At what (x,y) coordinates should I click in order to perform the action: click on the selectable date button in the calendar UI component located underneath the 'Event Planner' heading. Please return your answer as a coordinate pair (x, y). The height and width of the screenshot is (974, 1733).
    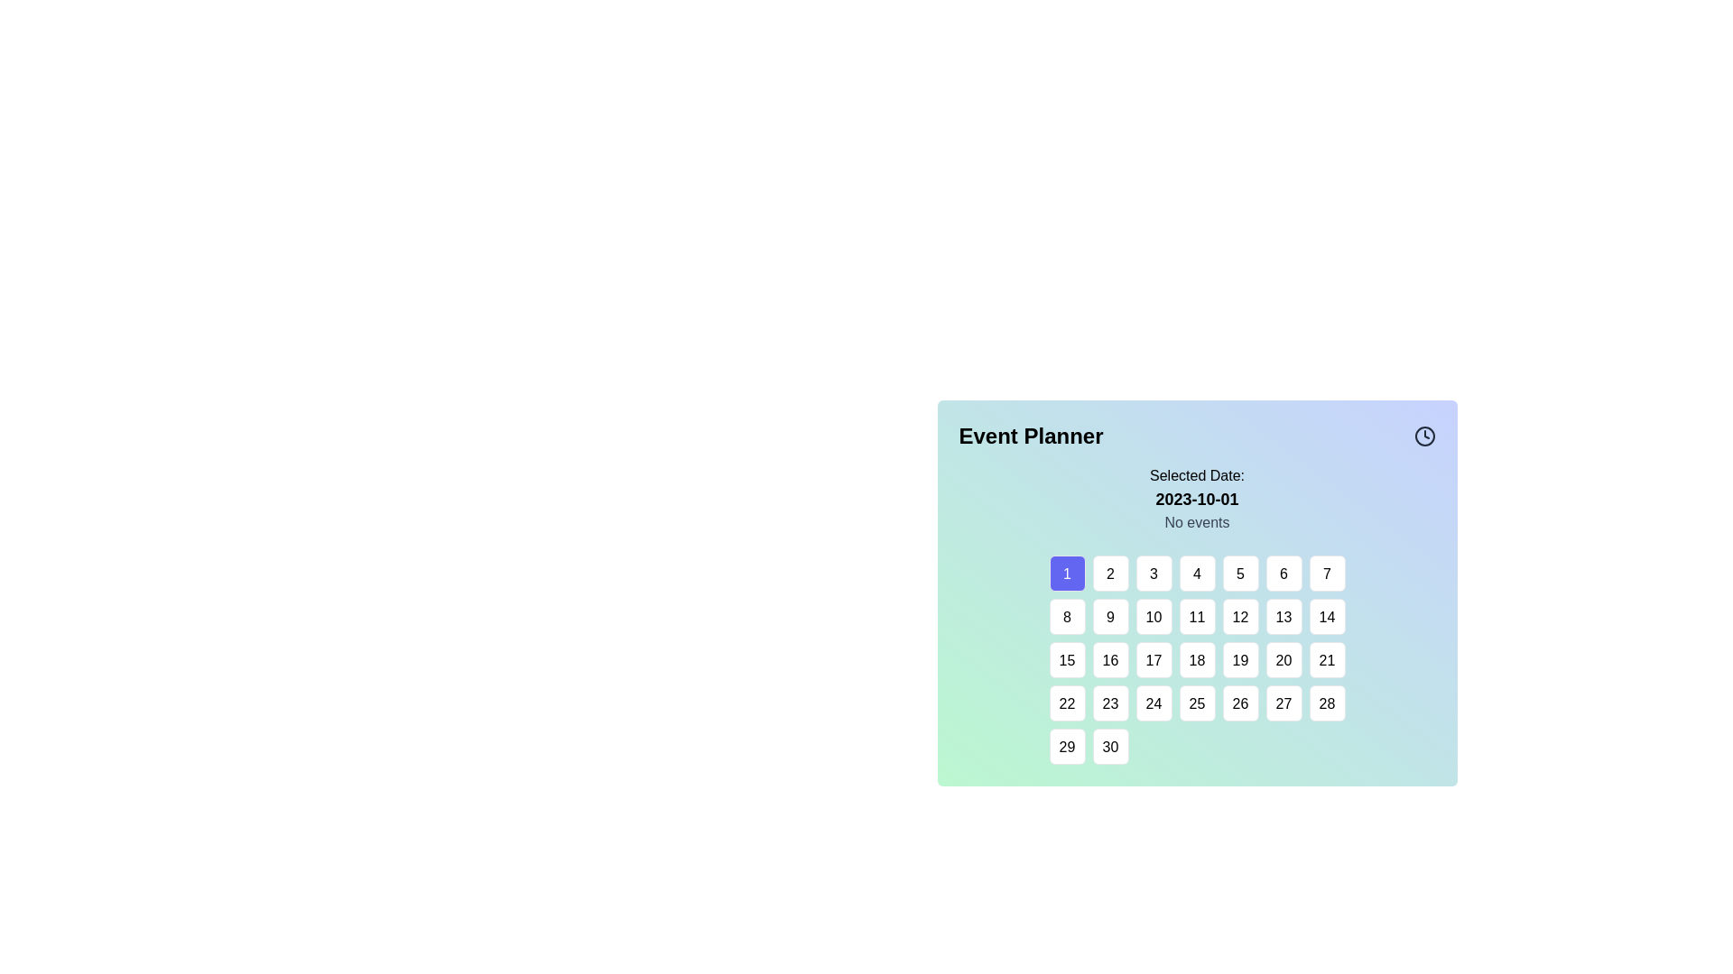
    Looking at the image, I should click on (1109, 702).